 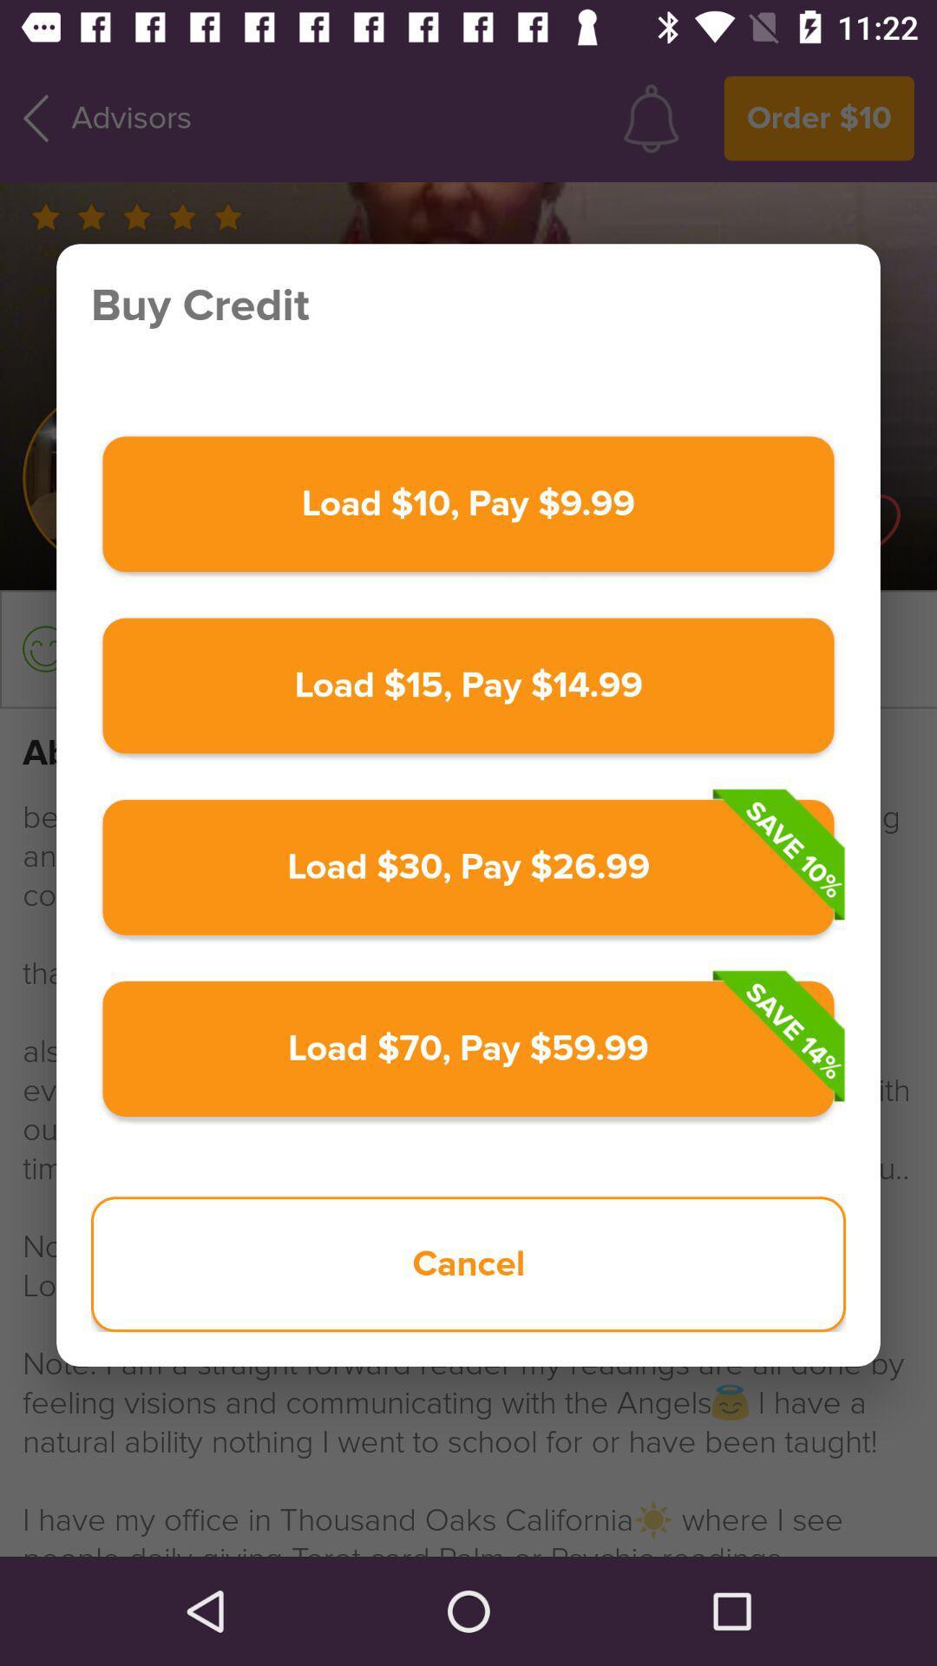 What do you see at coordinates (468, 1264) in the screenshot?
I see `cancel icon` at bounding box center [468, 1264].